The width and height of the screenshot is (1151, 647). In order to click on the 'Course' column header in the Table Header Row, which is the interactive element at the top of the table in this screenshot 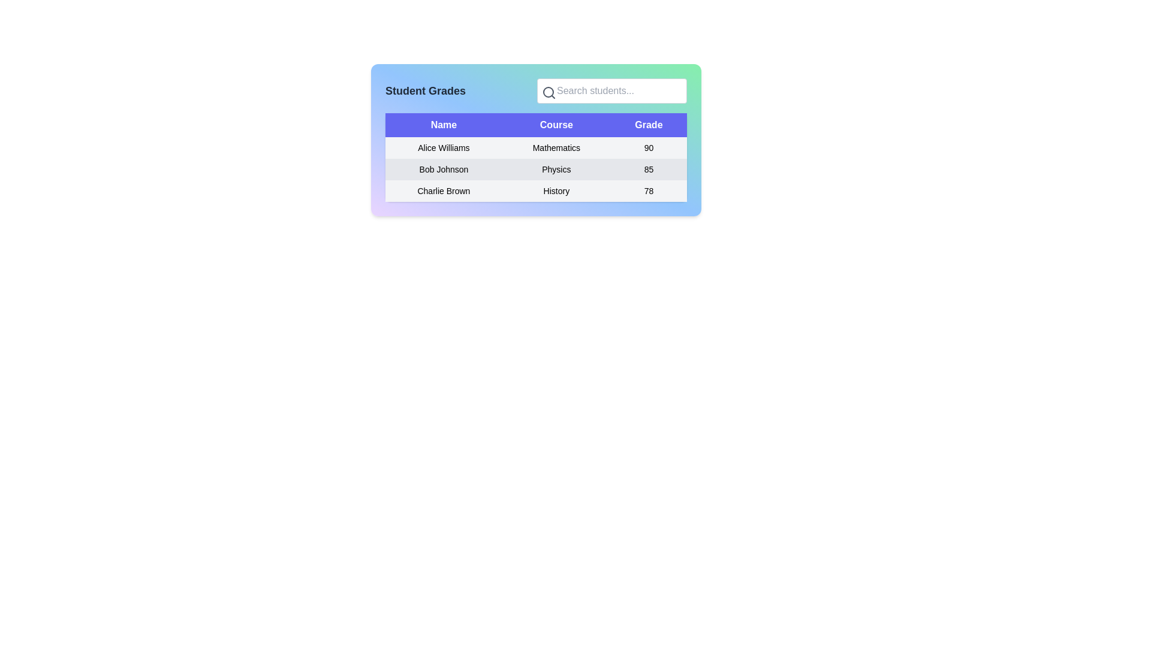, I will do `click(535, 125)`.